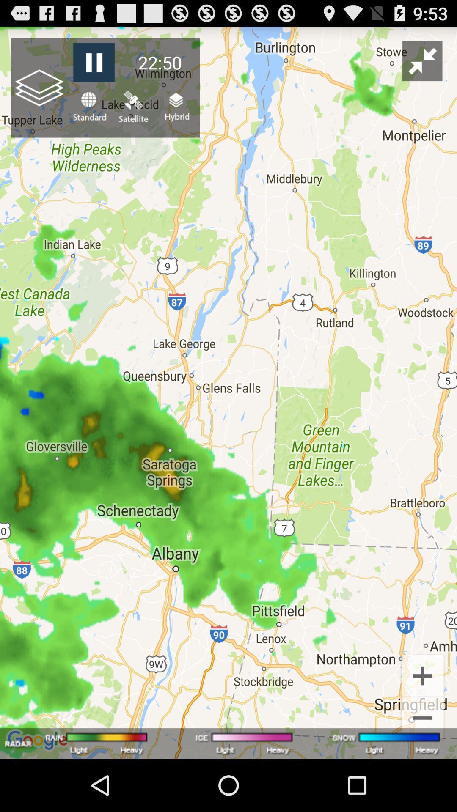 The width and height of the screenshot is (457, 812). Describe the element at coordinates (176, 106) in the screenshot. I see `item below the 22:50 item` at that location.